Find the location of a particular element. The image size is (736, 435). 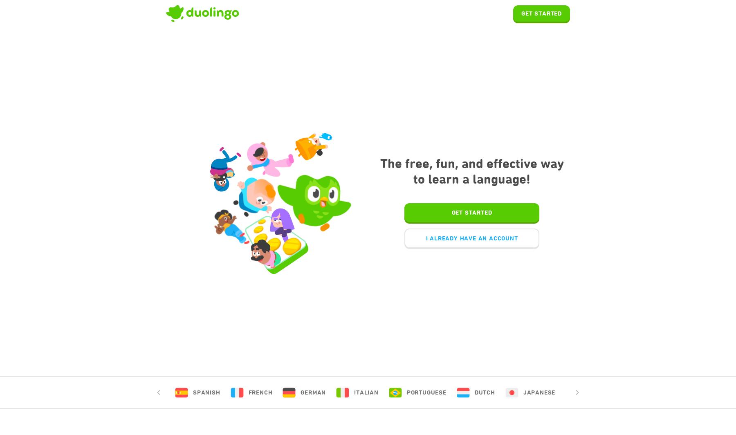

'French' is located at coordinates (260, 392).